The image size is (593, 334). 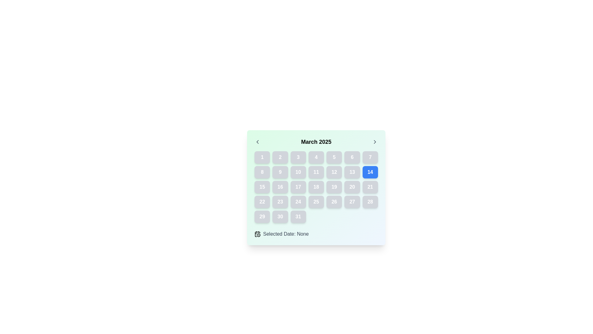 I want to click on the static text label indicating the currently selected date from the calendar, which shows 'None' when no date is selected, so click(x=285, y=234).